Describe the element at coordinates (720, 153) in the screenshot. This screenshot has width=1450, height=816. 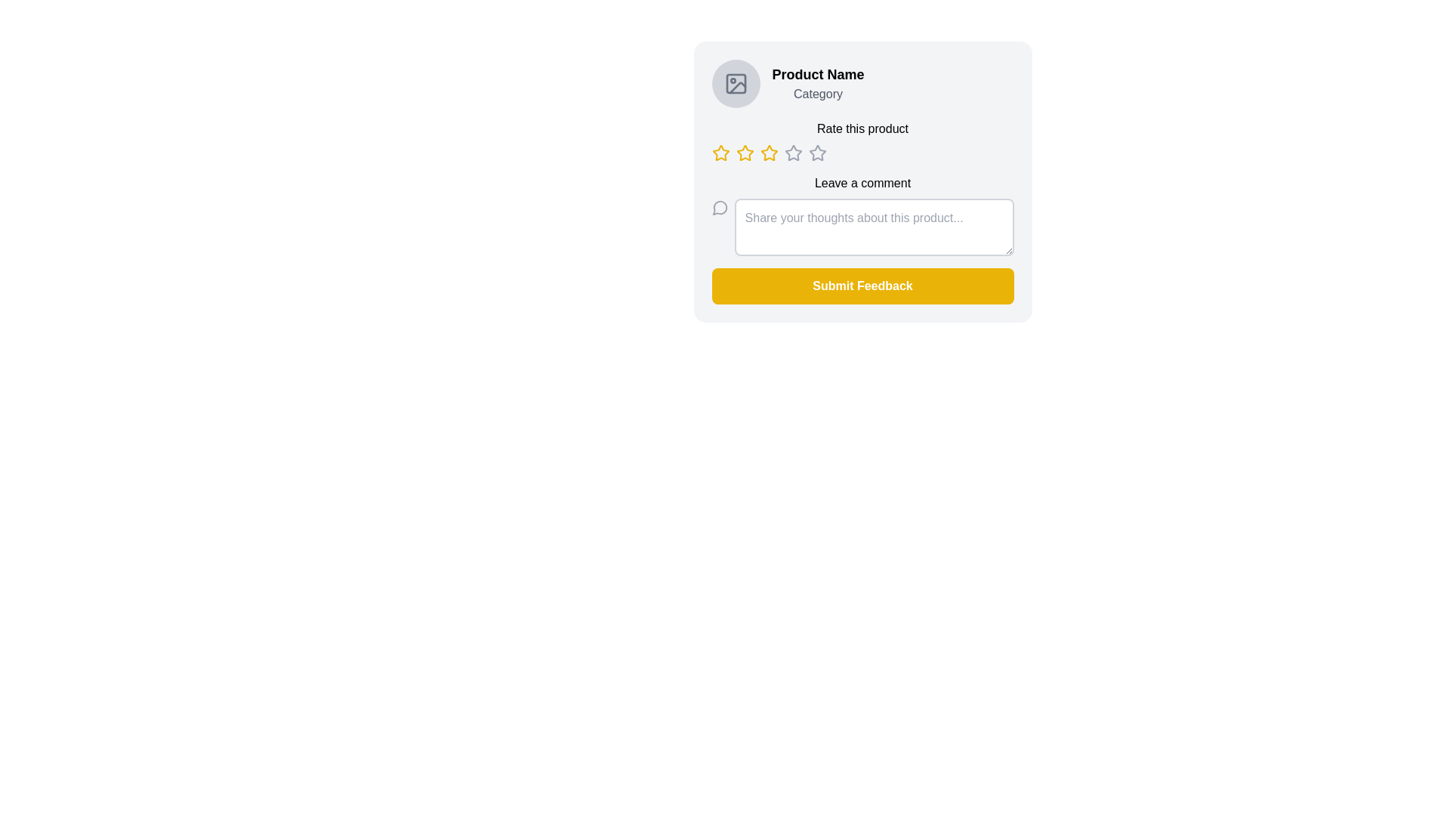
I see `the first star in the rating system` at that location.